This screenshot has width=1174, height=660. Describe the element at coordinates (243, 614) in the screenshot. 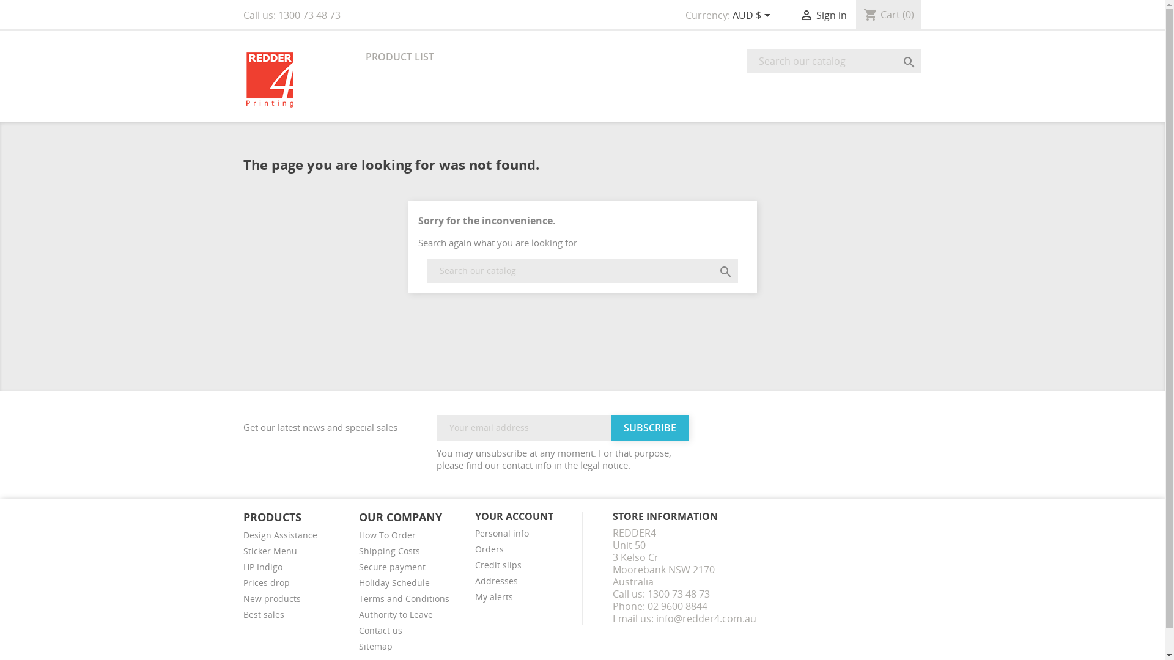

I see `'Best sales'` at that location.